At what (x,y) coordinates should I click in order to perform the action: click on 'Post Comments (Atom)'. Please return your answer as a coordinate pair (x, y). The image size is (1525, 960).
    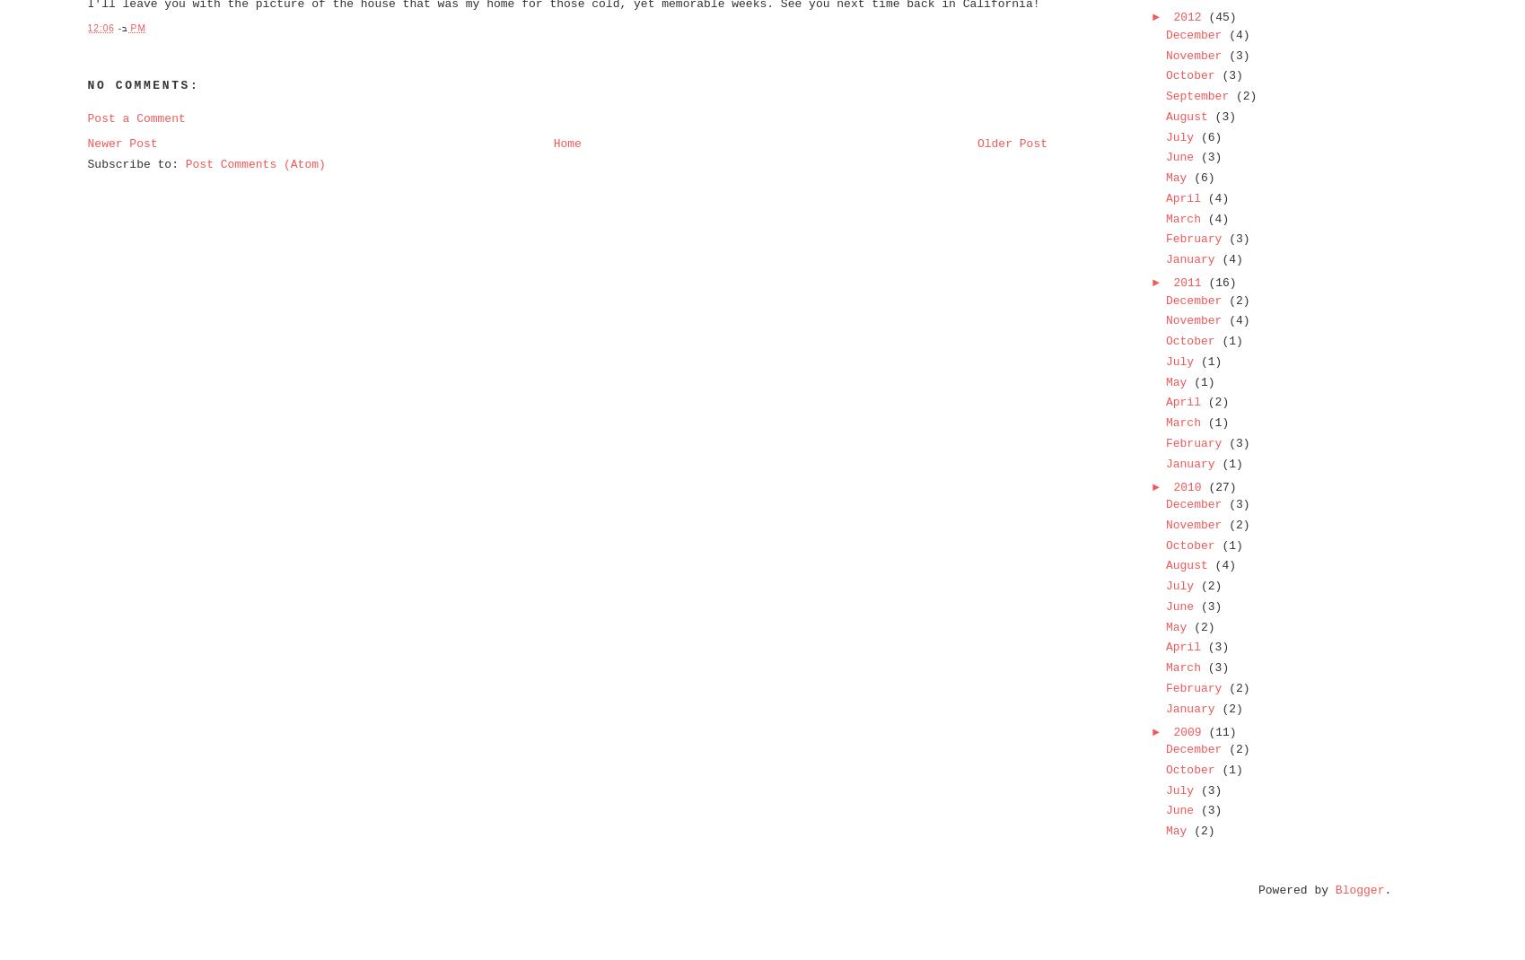
    Looking at the image, I should click on (184, 162).